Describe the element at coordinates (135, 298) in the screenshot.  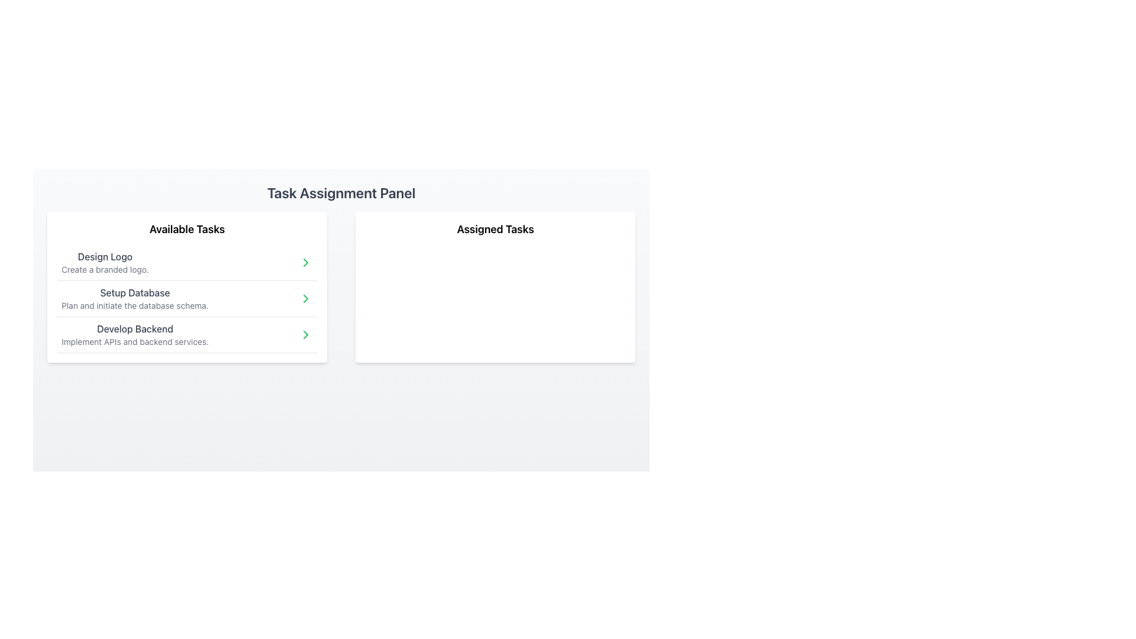
I see `text of the second task entry titled 'Setup Database' in the 'Available Tasks' section, which is located between 'Design Logo' and 'Develop Backend'` at that location.